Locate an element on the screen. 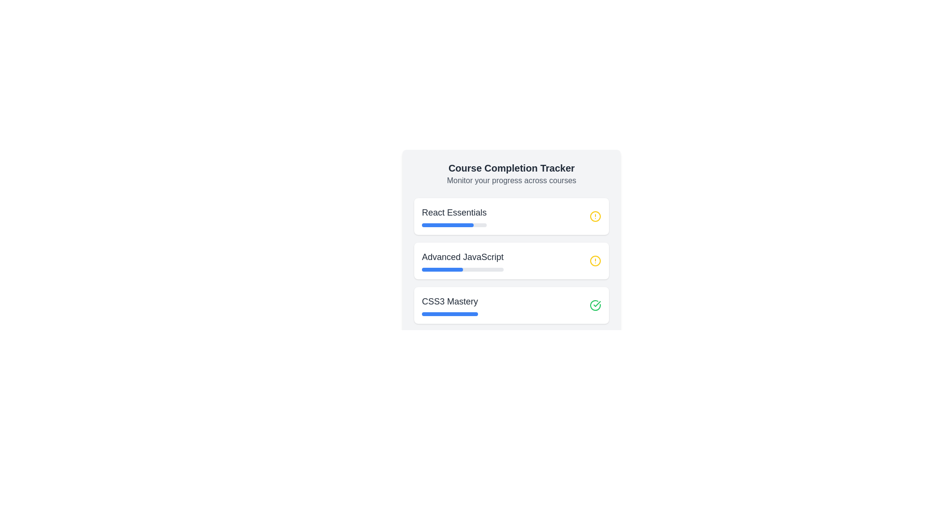  the static text label that identifies the progress tracker for the course titled 'CSS3 Mastery', located above a horizontal blue progress bar in the bottommost row of a vertical list of three elements is located at coordinates (449, 301).